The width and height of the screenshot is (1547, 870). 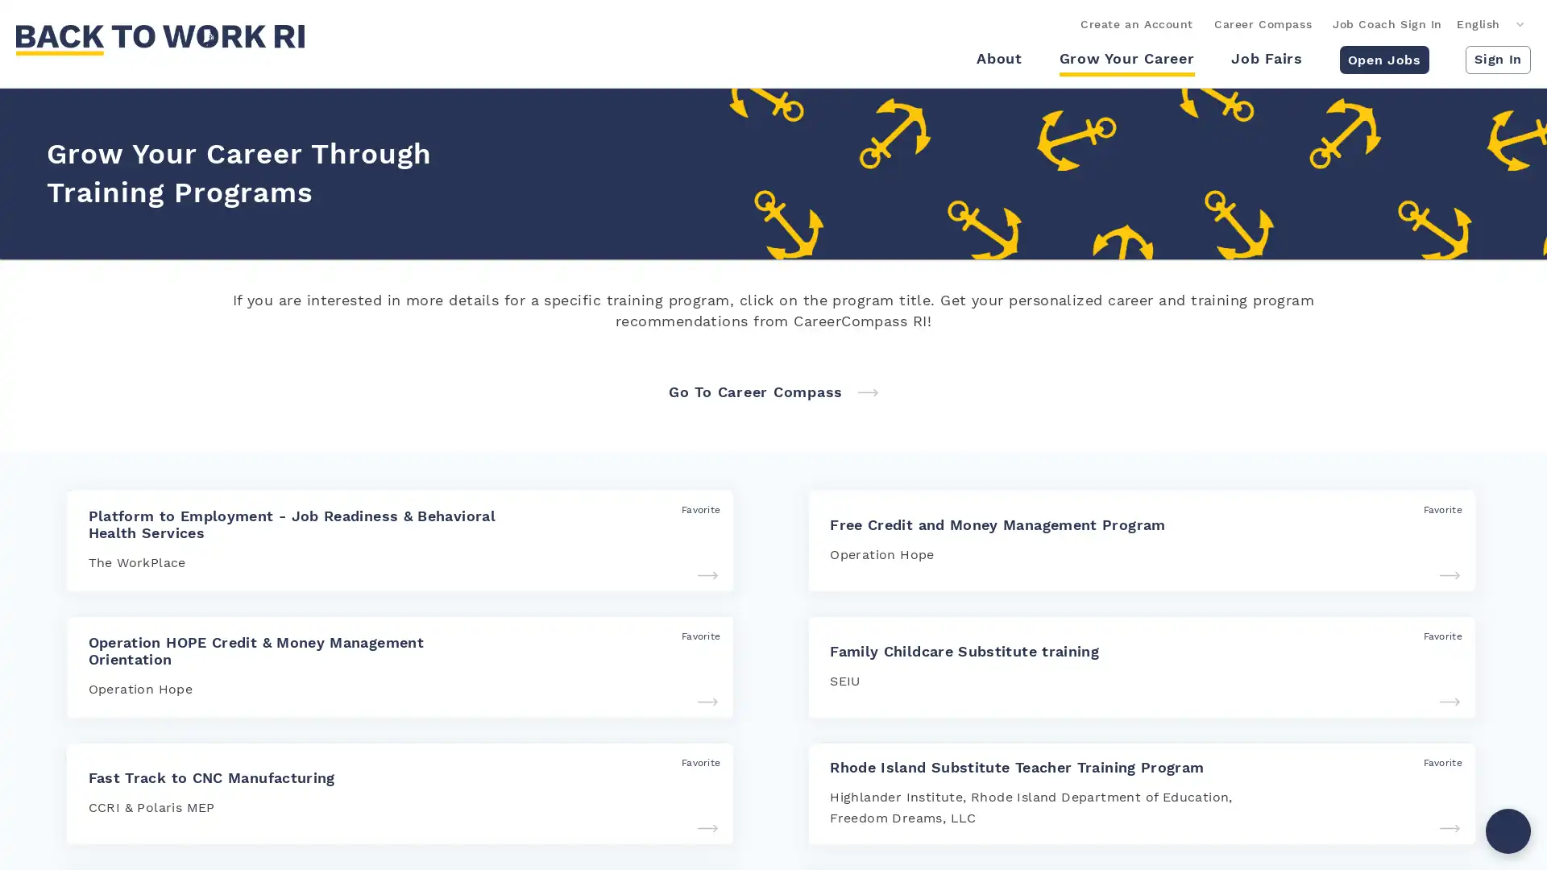 What do you see at coordinates (691, 761) in the screenshot?
I see `not favorite Favorite` at bounding box center [691, 761].